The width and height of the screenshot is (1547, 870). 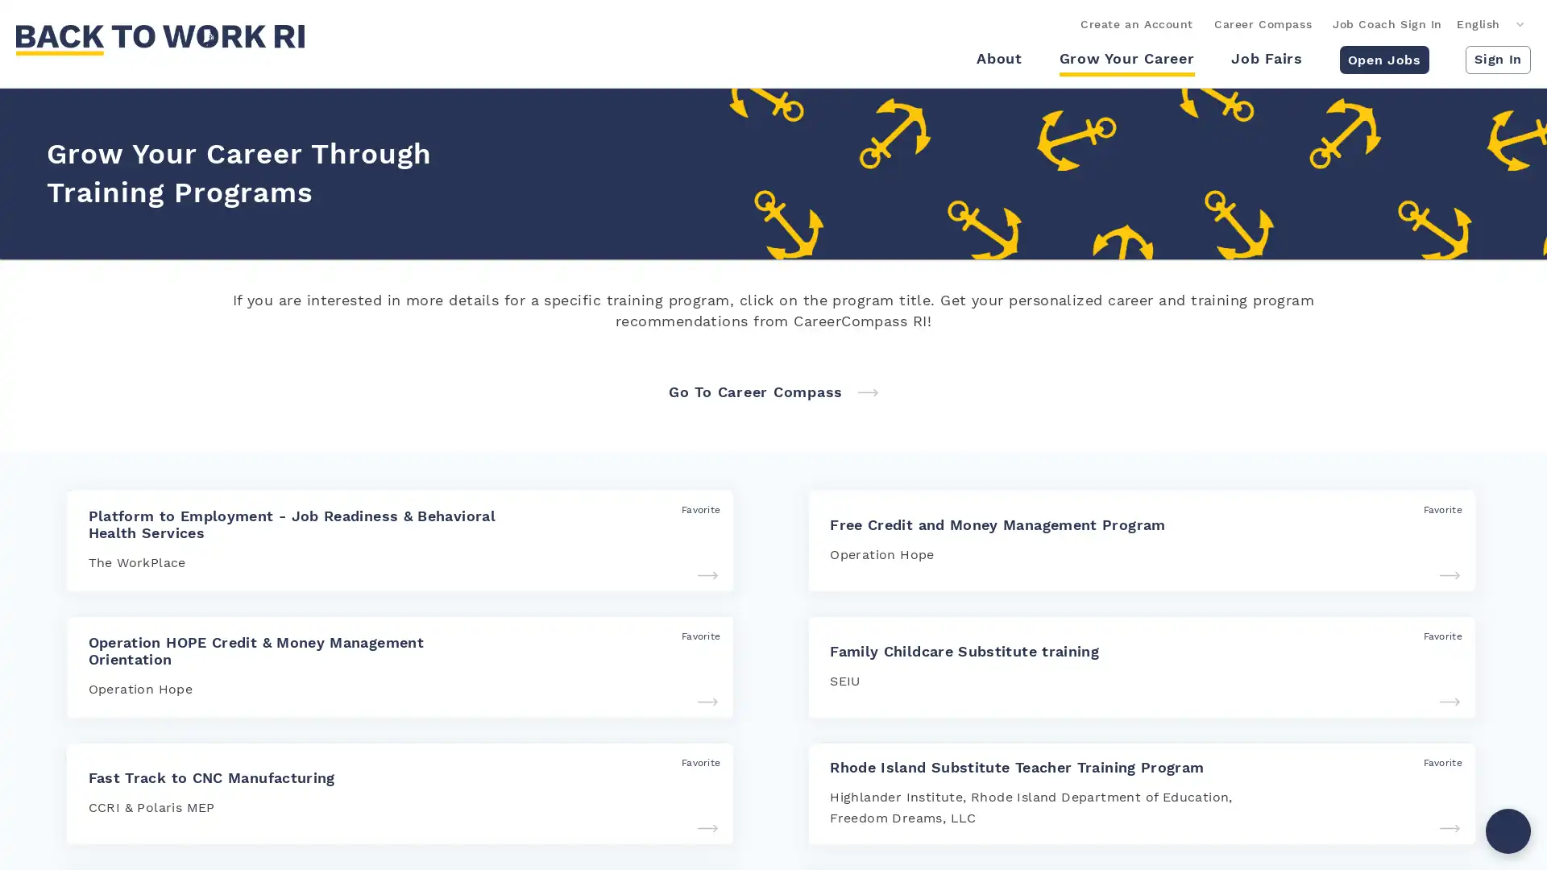 What do you see at coordinates (691, 761) in the screenshot?
I see `not favorite Favorite` at bounding box center [691, 761].